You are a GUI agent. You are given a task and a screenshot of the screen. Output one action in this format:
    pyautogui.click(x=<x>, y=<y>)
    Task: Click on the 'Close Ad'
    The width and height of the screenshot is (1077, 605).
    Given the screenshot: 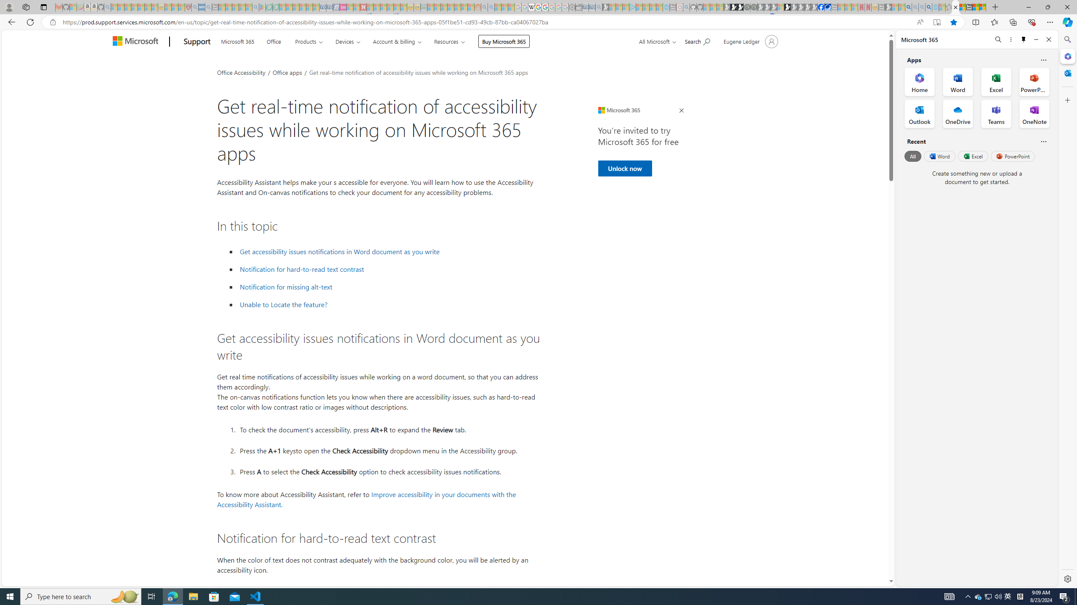 What is the action you would take?
    pyautogui.click(x=681, y=110)
    